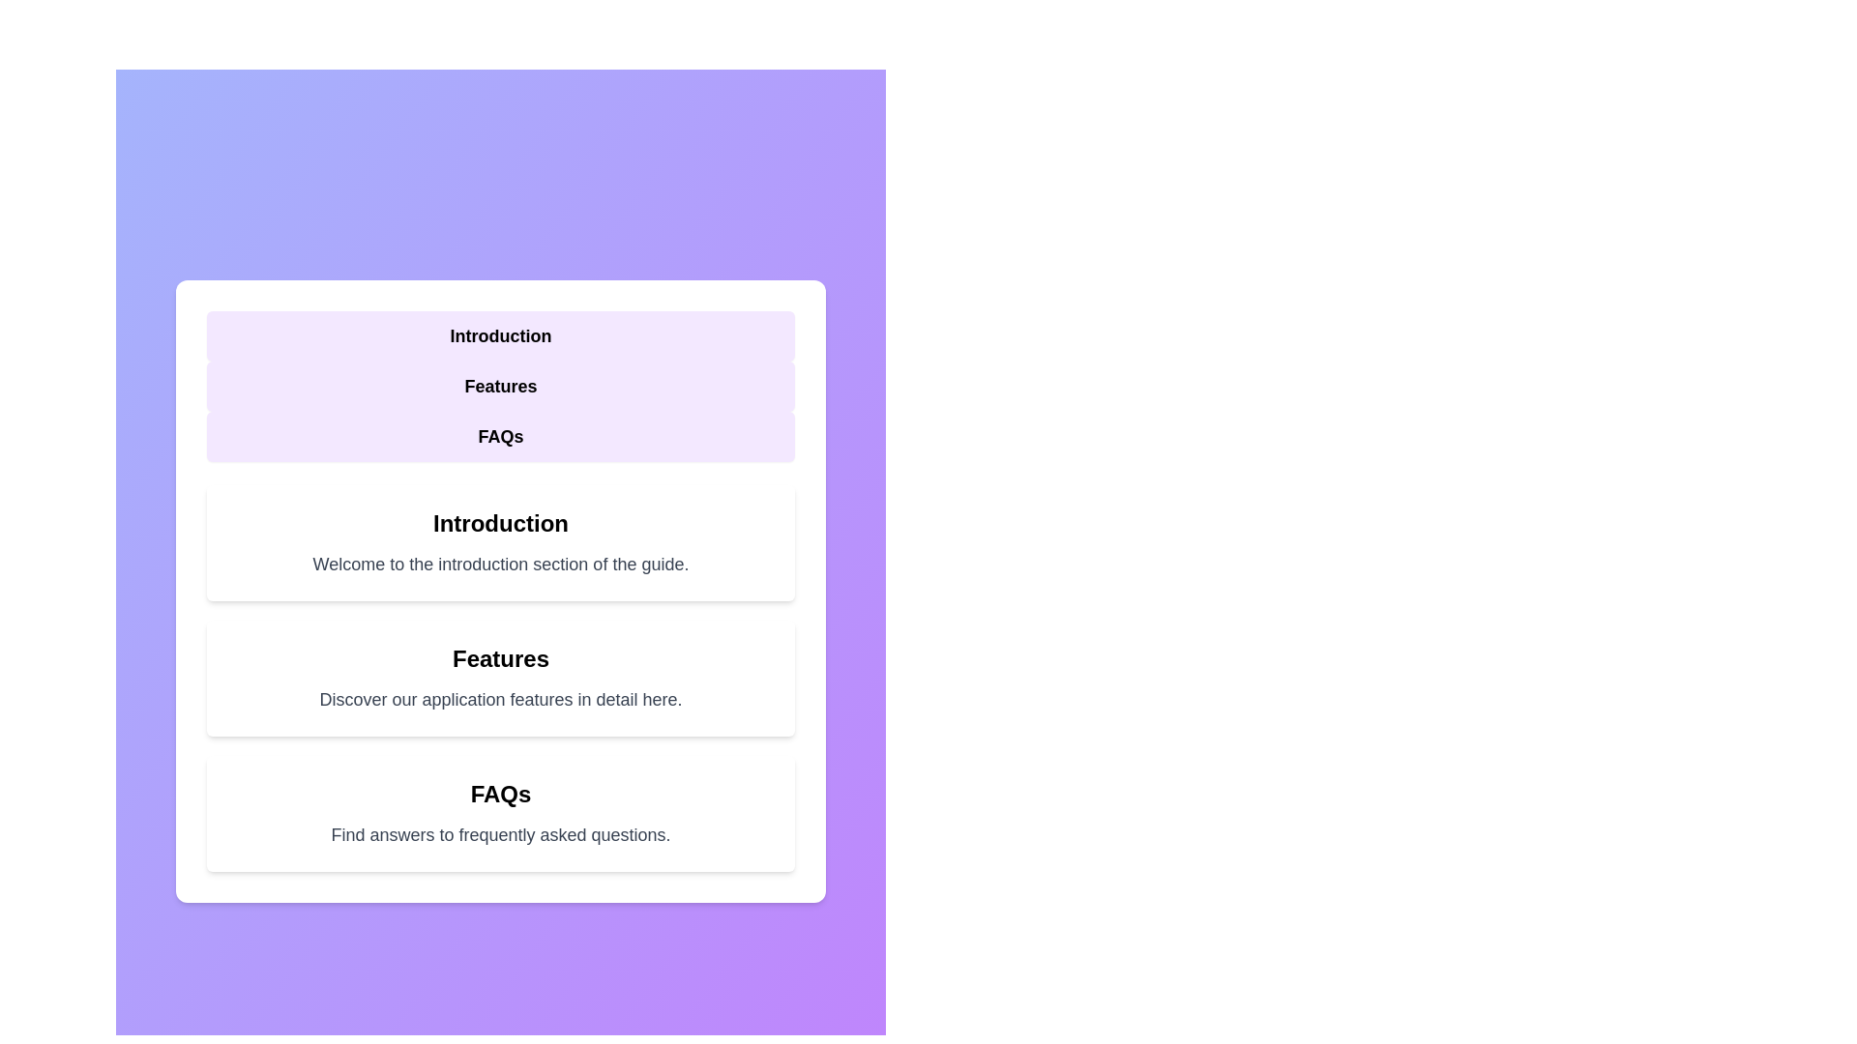 Image resolution: width=1857 pixels, height=1044 pixels. I want to click on the Informational card titled 'Features' which contains a description about application features, located at the center of the interface with a white background and rounded corners, so click(501, 678).